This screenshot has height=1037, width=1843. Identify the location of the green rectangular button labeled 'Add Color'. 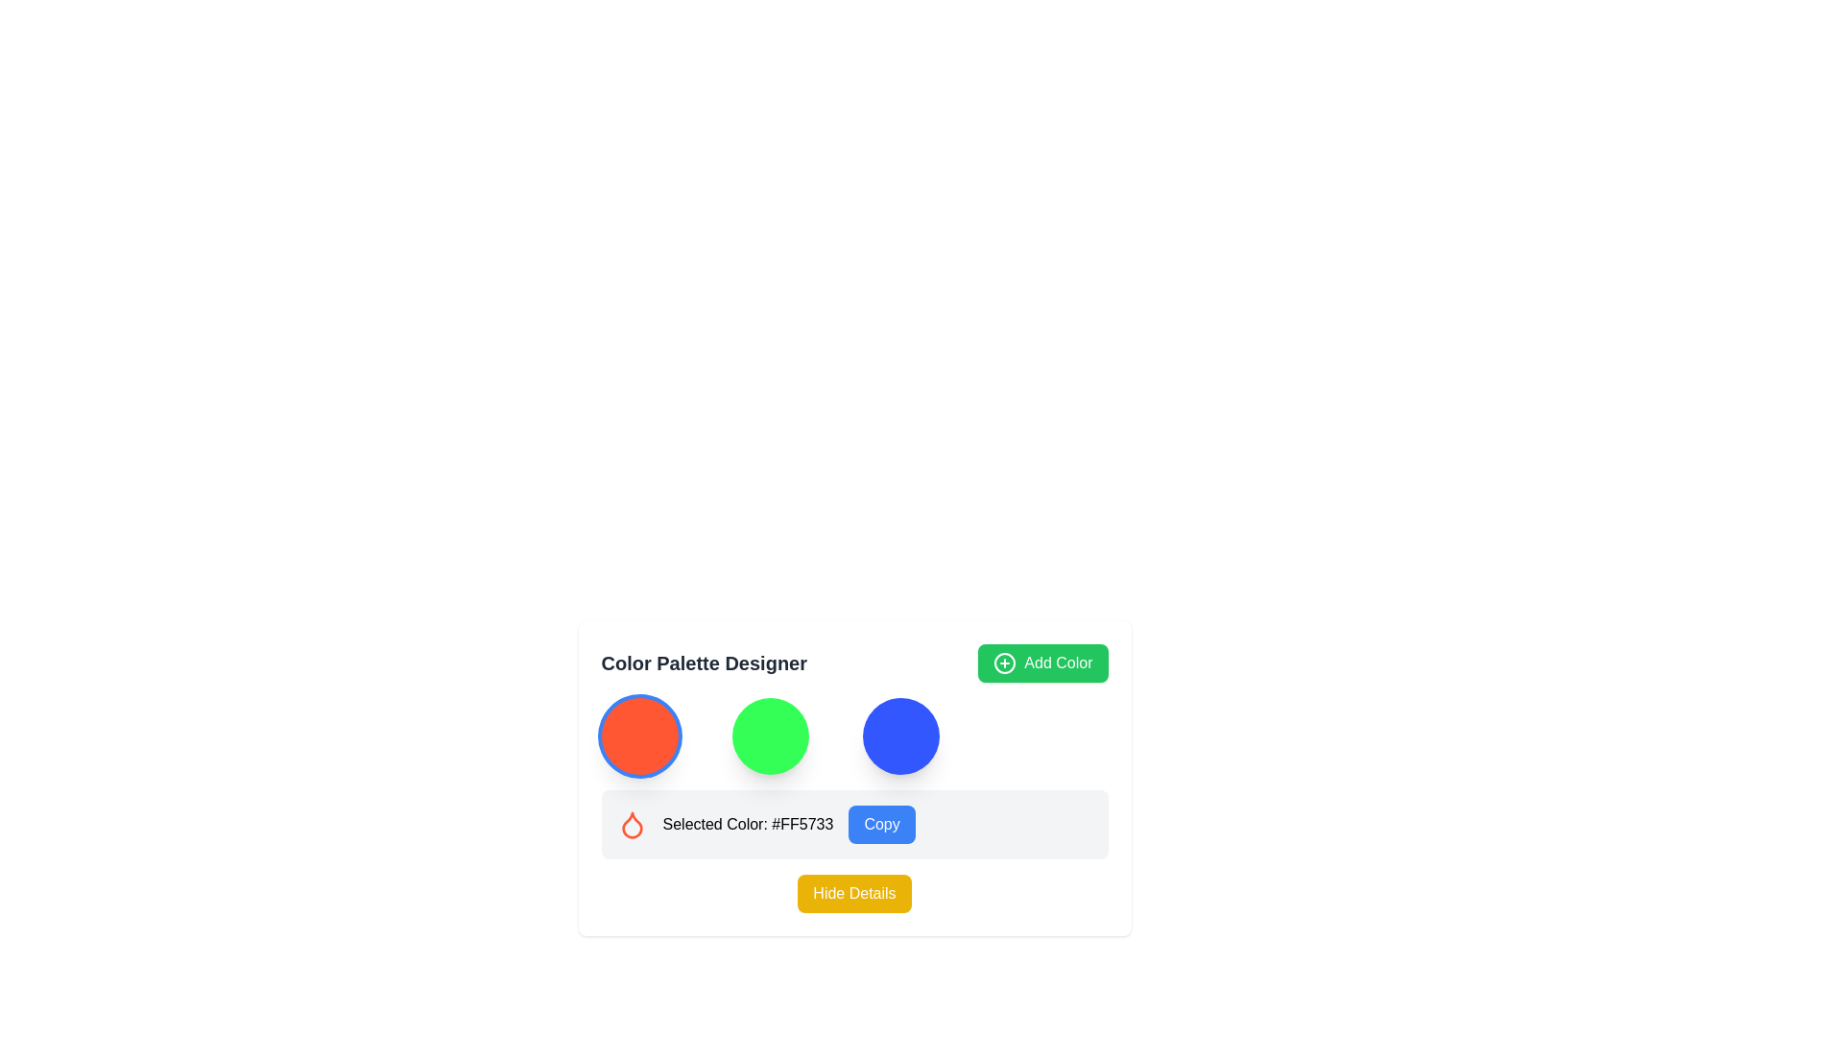
(1041, 662).